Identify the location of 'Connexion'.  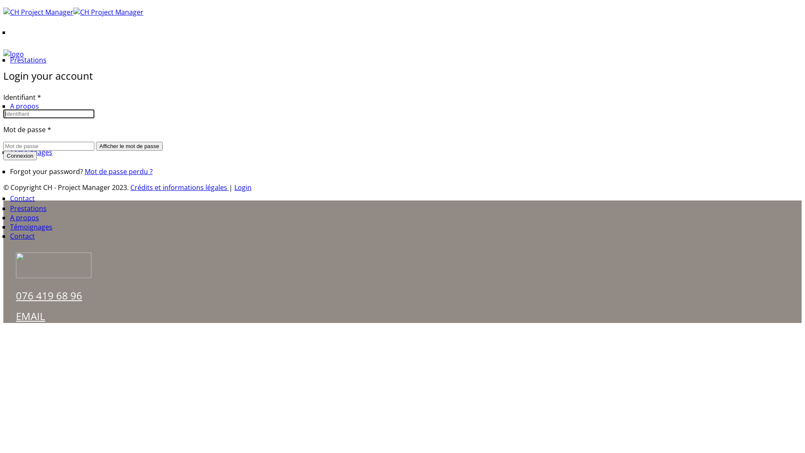
(20, 156).